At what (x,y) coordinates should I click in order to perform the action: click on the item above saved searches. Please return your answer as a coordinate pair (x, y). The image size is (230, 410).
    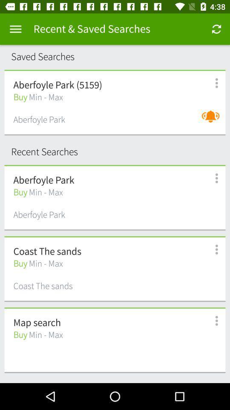
    Looking at the image, I should click on (15, 29).